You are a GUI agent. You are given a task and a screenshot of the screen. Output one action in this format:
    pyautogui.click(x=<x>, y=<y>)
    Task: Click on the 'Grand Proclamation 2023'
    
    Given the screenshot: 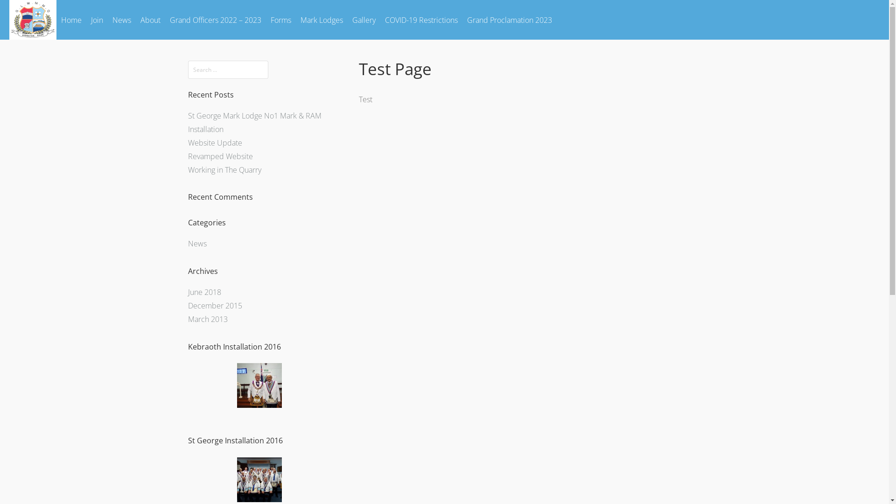 What is the action you would take?
    pyautogui.click(x=509, y=20)
    